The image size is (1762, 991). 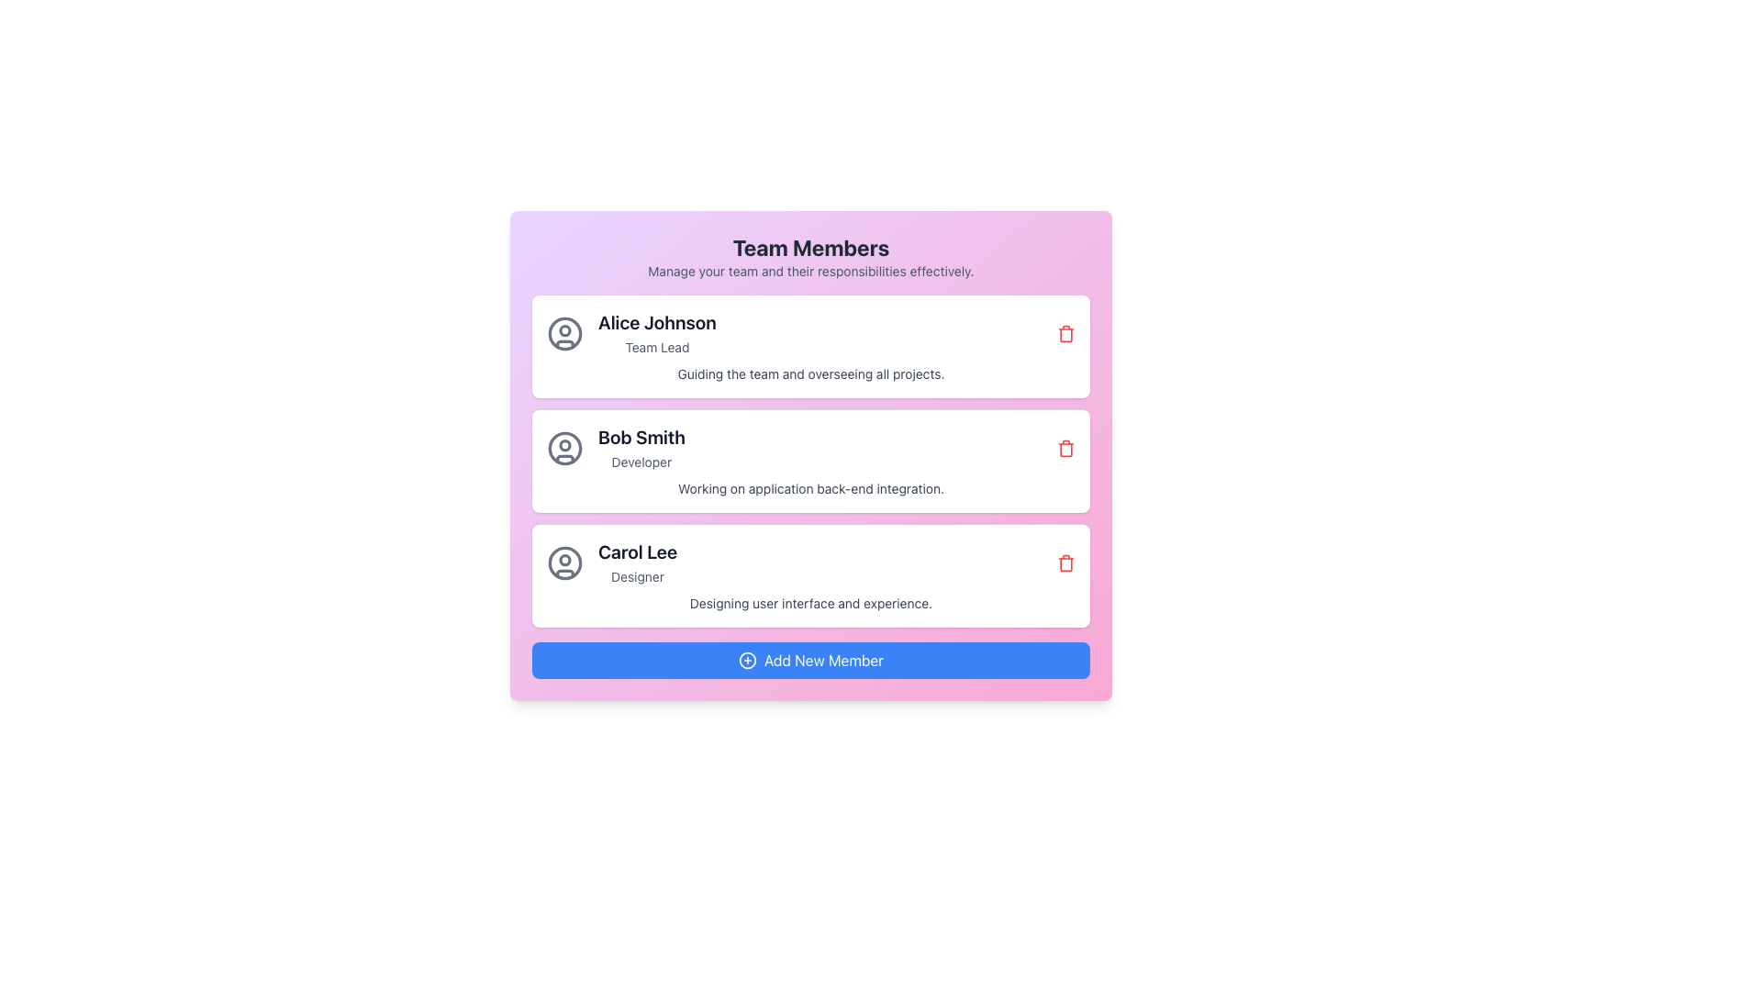 I want to click on text content displaying 'Guiding the team and overseeing all projects.' which is styled in gray and located within the card for 'Alice Johnson', below her title 'Team Lead', so click(x=809, y=373).